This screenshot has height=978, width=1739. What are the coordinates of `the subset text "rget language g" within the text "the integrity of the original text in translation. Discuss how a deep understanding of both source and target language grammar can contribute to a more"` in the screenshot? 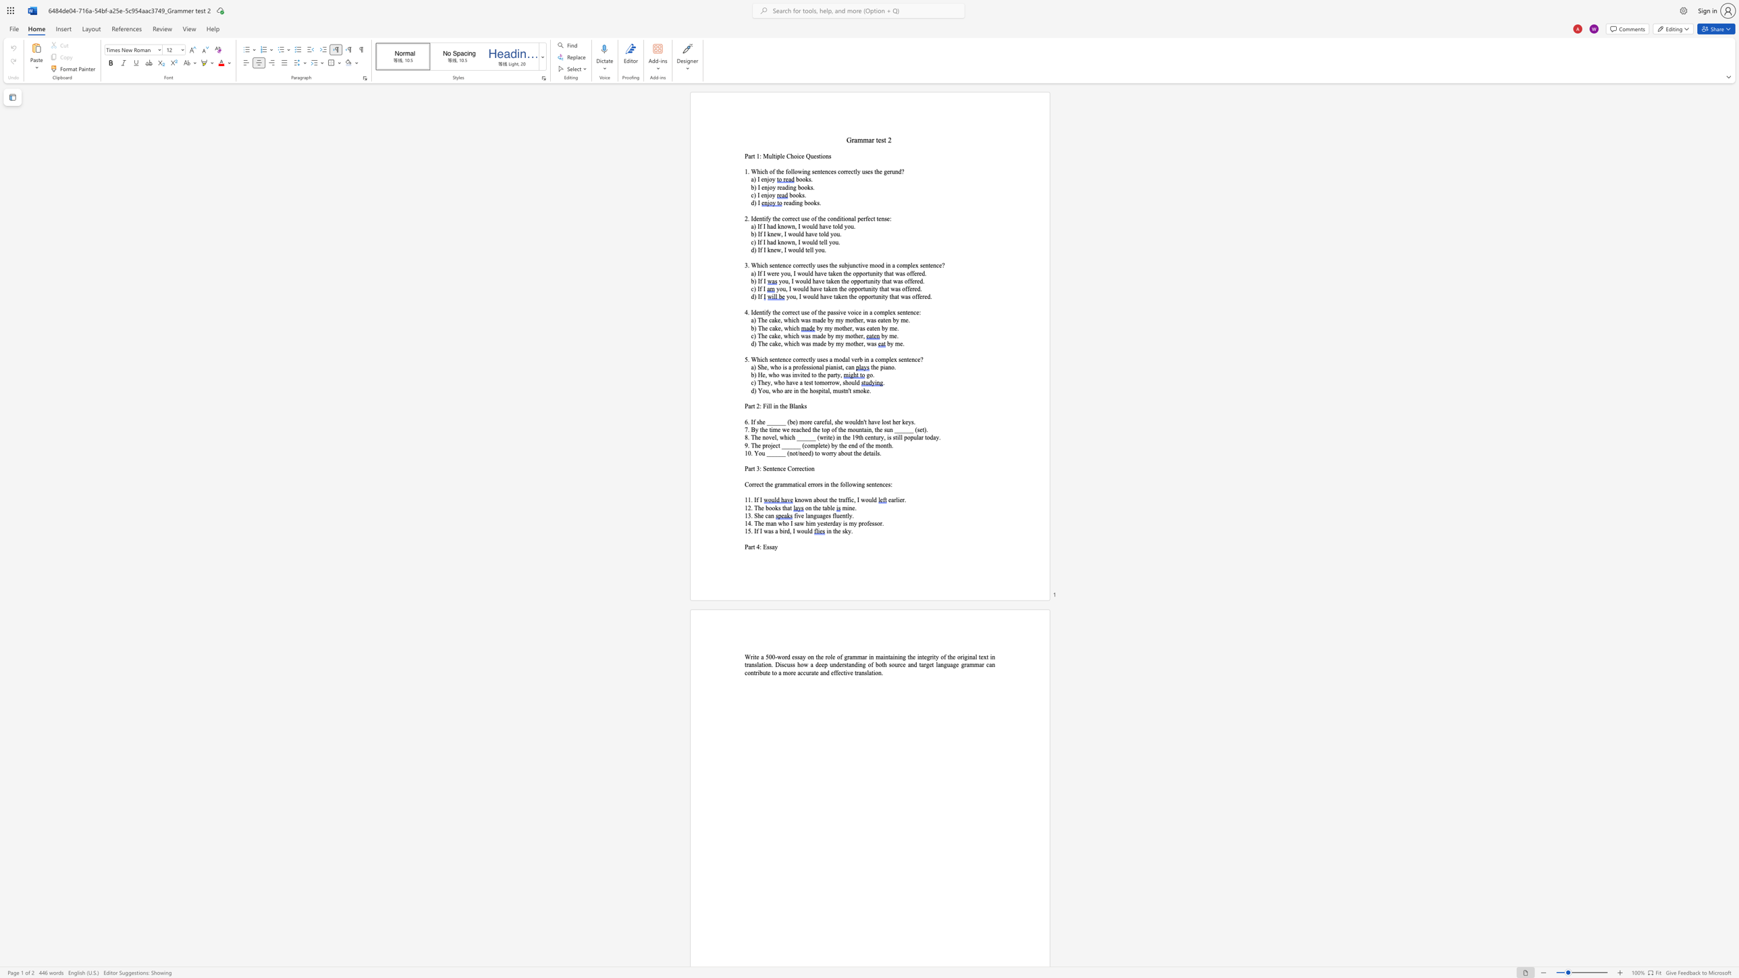 It's located at (924, 665).